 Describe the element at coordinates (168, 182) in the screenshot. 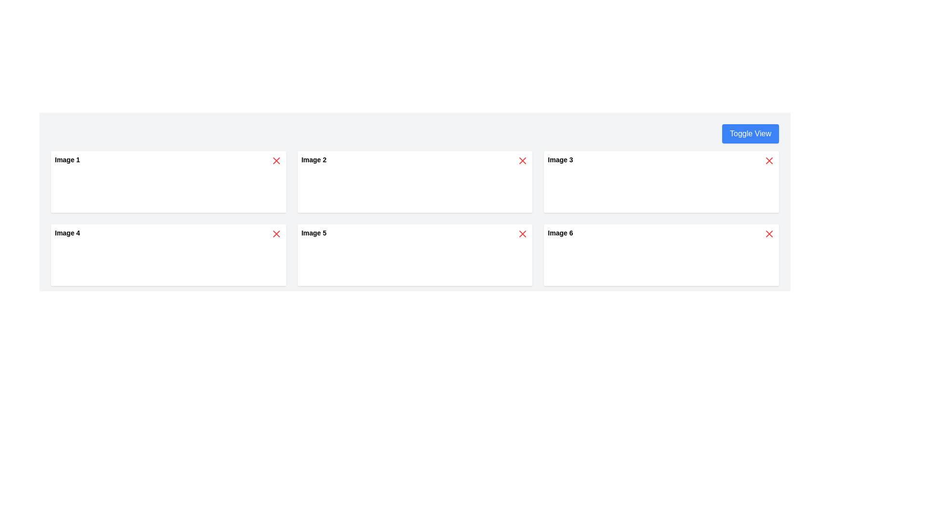

I see `the first card in the grid layout` at that location.